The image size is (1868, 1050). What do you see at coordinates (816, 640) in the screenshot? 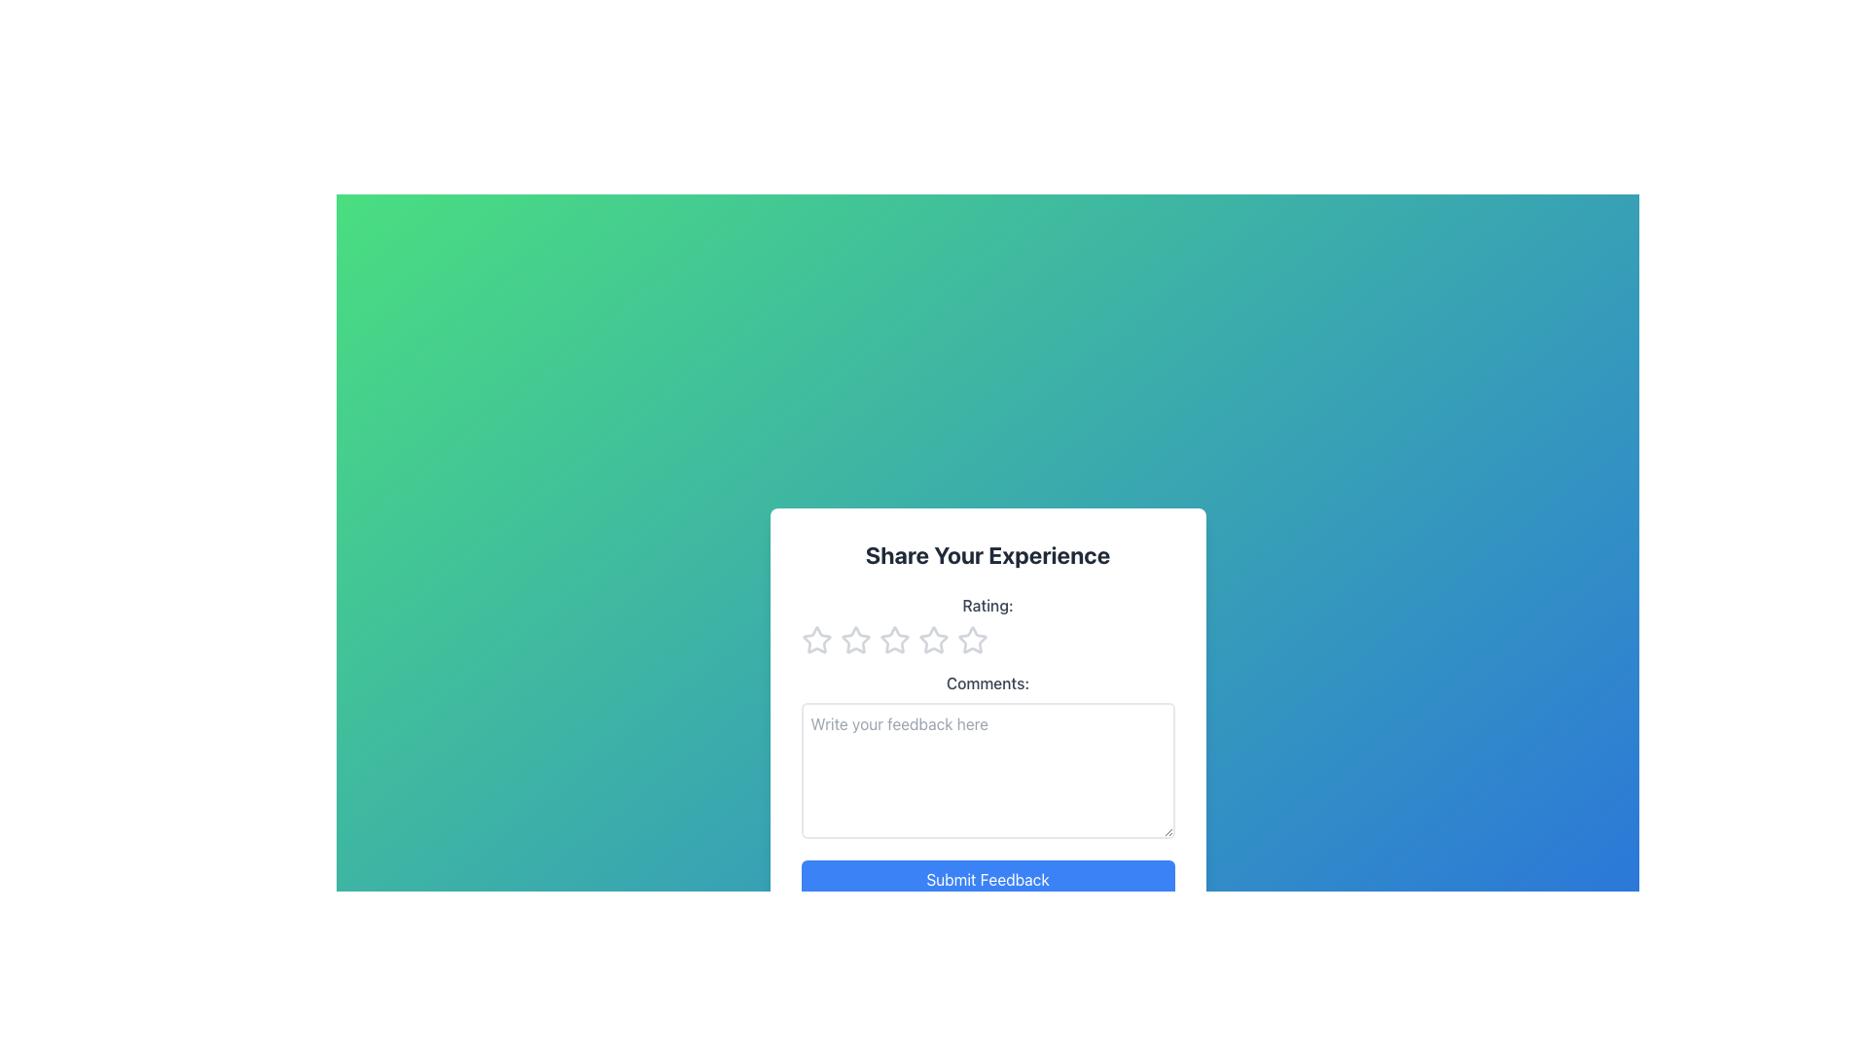
I see `the first star-shaped icon in the rating system, which is gray outlined and hollow` at bounding box center [816, 640].